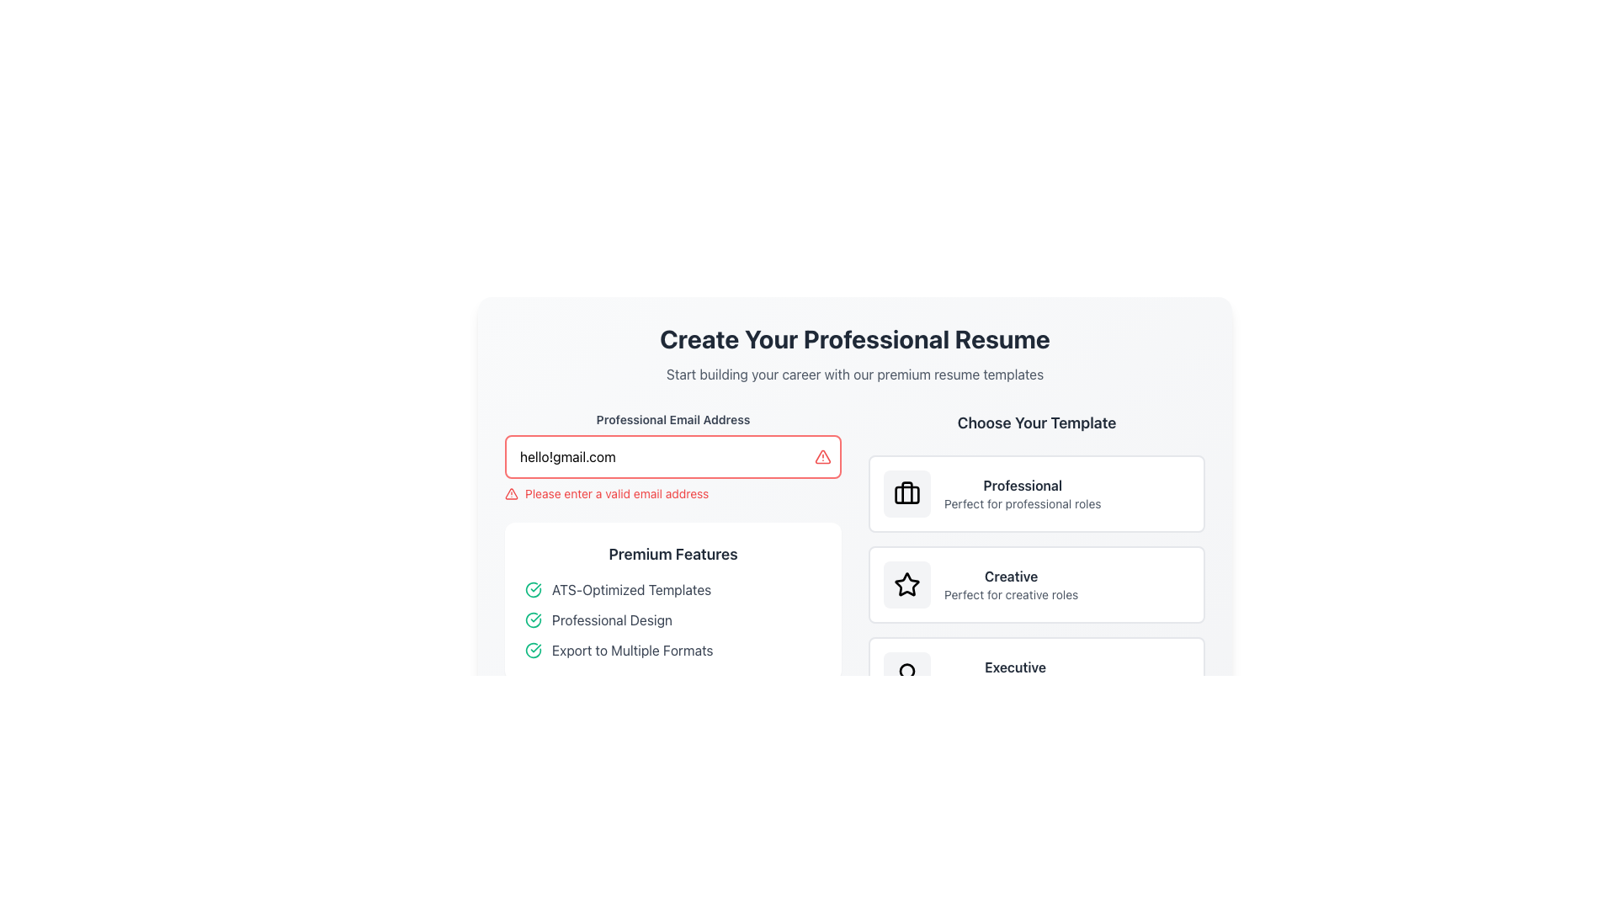 The height and width of the screenshot is (909, 1616). I want to click on text block displaying 'Creative' and 'Perfect for creative roles', which is the second template option under 'Choose Your Template', so click(1010, 583).